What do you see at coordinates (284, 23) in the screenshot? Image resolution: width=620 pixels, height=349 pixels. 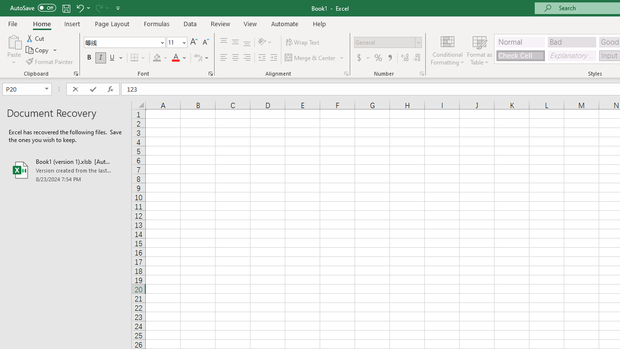 I see `'Automate'` at bounding box center [284, 23].